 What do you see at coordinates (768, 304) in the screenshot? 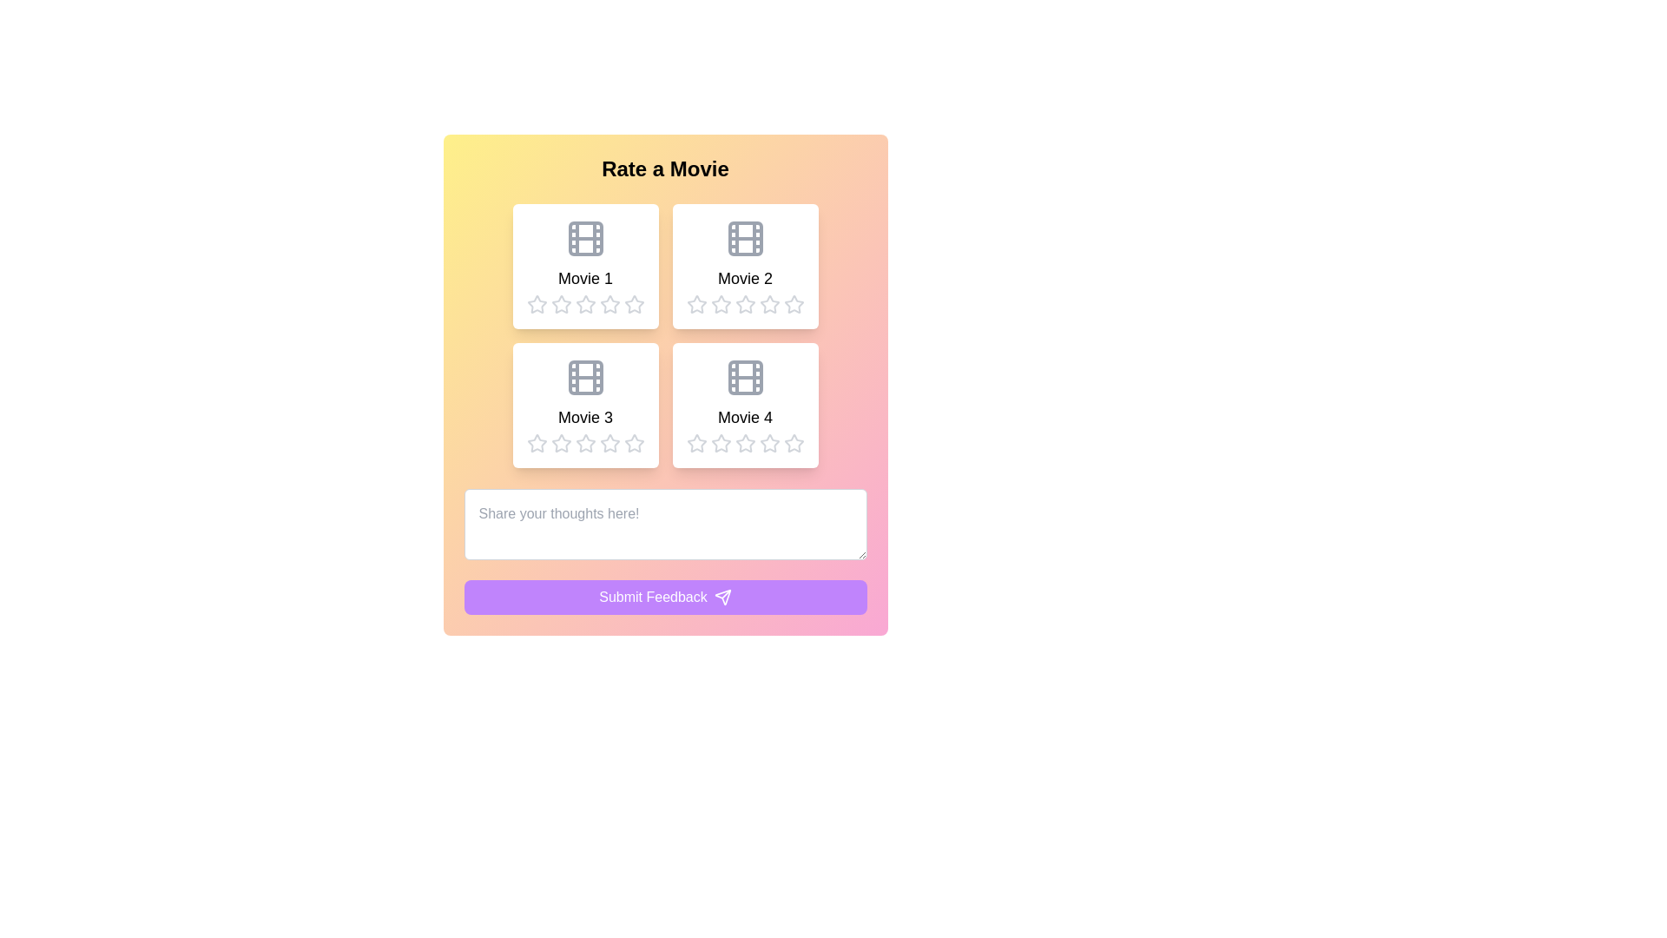
I see `the third gray star icon in the rating system under the 'Movie 2' section` at bounding box center [768, 304].